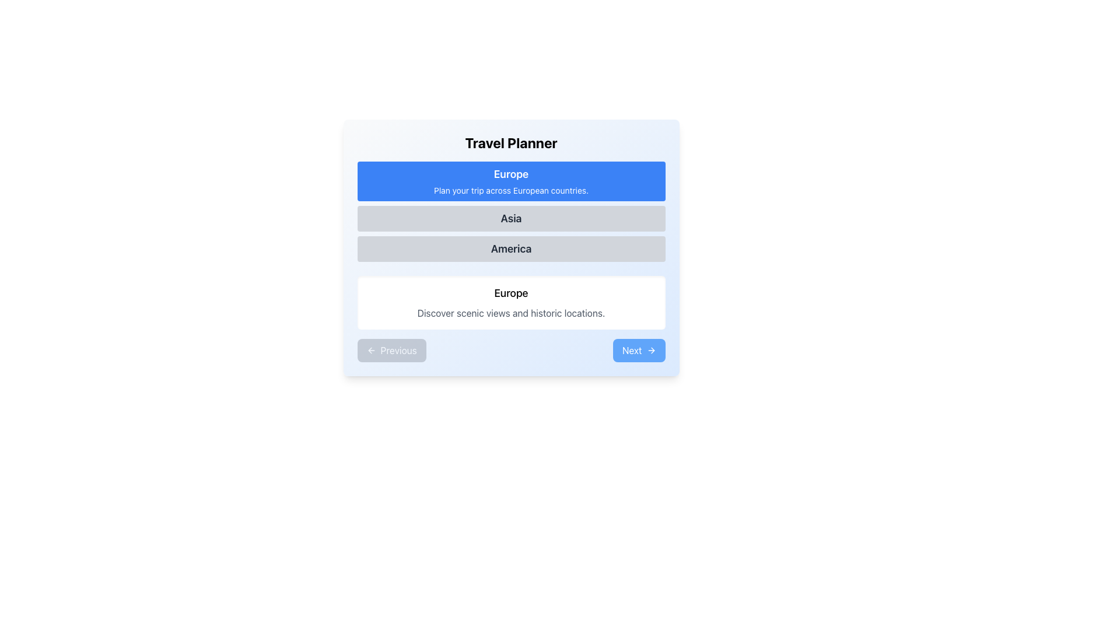 The image size is (1120, 630). I want to click on supporting descriptive text located directly beneath the heading 'Europe' in the 'Travel Planner' section, which provides additional information about the content or activities associated with the chosen region, so click(511, 312).